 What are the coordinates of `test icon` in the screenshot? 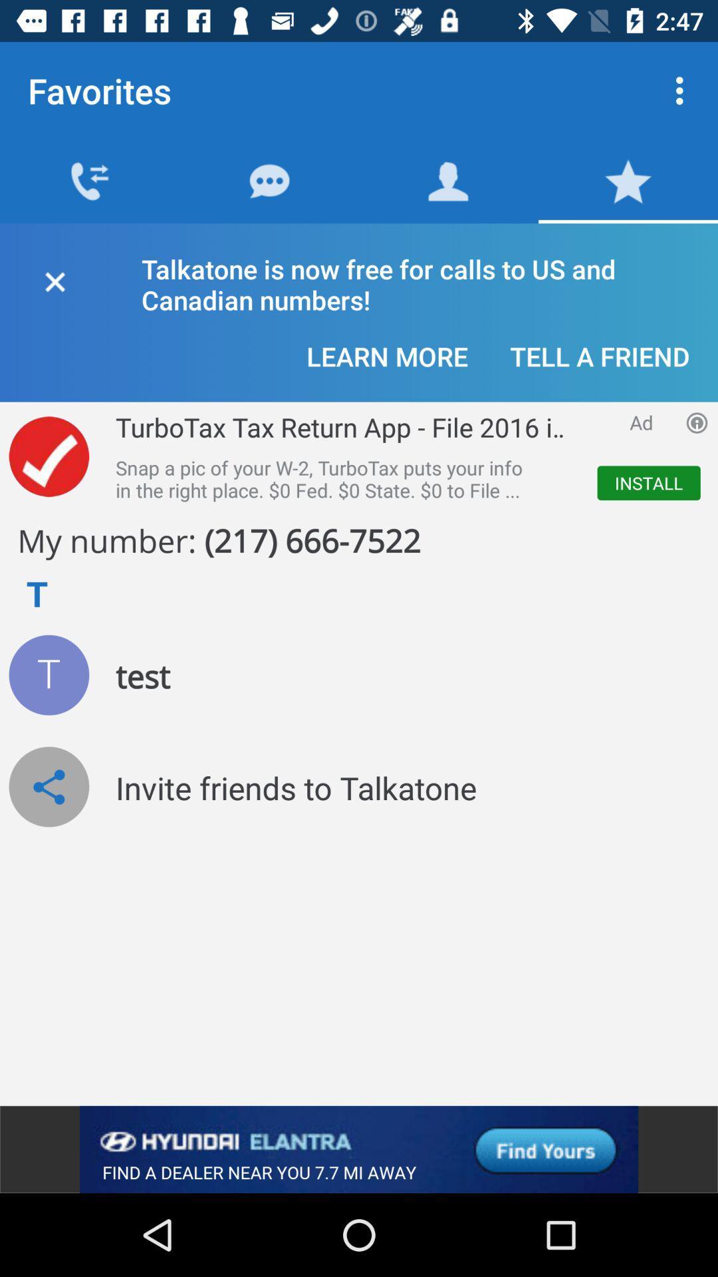 It's located at (48, 675).